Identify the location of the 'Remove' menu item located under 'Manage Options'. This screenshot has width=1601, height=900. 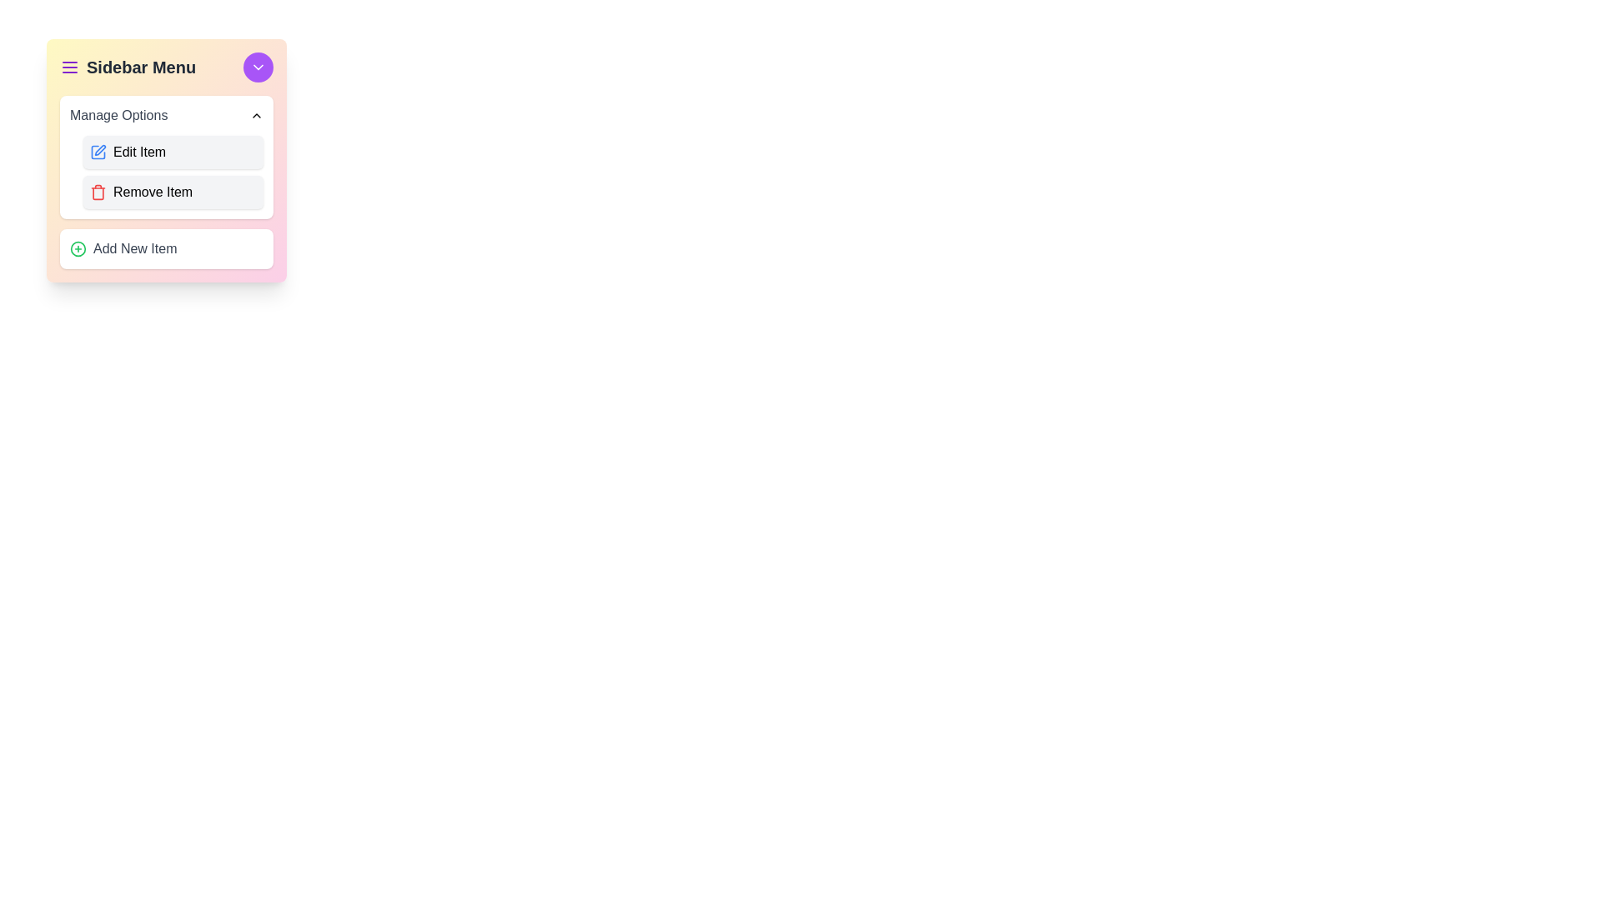
(153, 192).